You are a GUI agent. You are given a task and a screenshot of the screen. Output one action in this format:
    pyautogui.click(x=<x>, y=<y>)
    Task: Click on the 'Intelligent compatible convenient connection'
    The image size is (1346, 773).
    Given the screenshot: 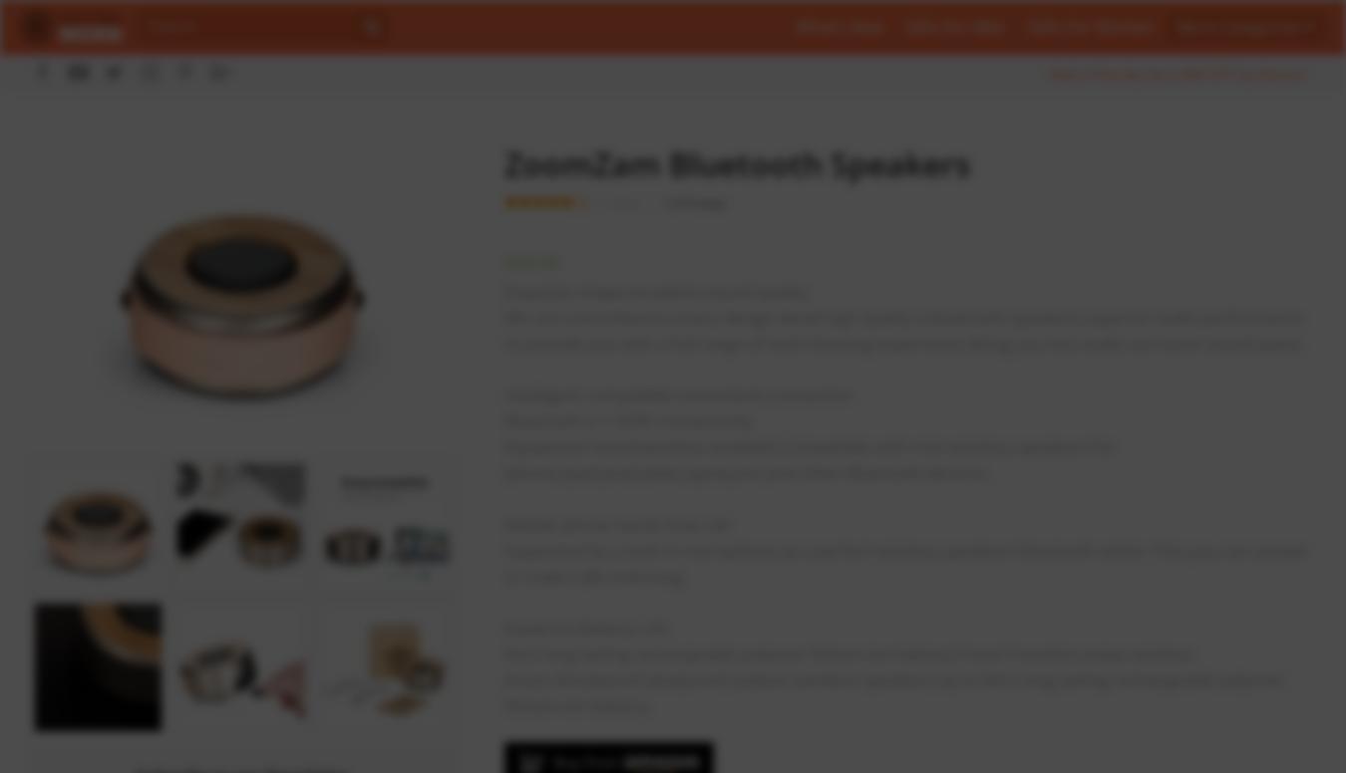 What is the action you would take?
    pyautogui.click(x=676, y=394)
    